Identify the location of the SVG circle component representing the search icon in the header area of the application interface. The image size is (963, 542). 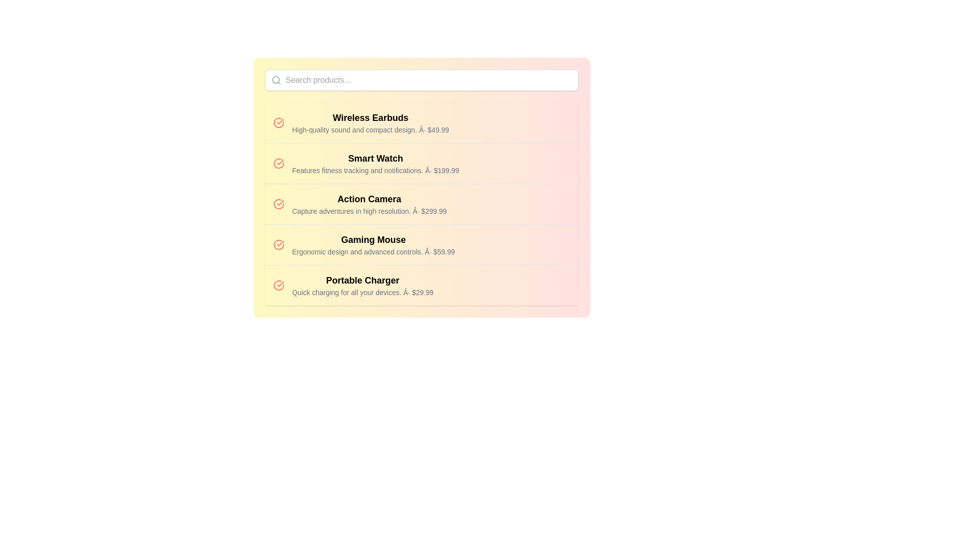
(275, 79).